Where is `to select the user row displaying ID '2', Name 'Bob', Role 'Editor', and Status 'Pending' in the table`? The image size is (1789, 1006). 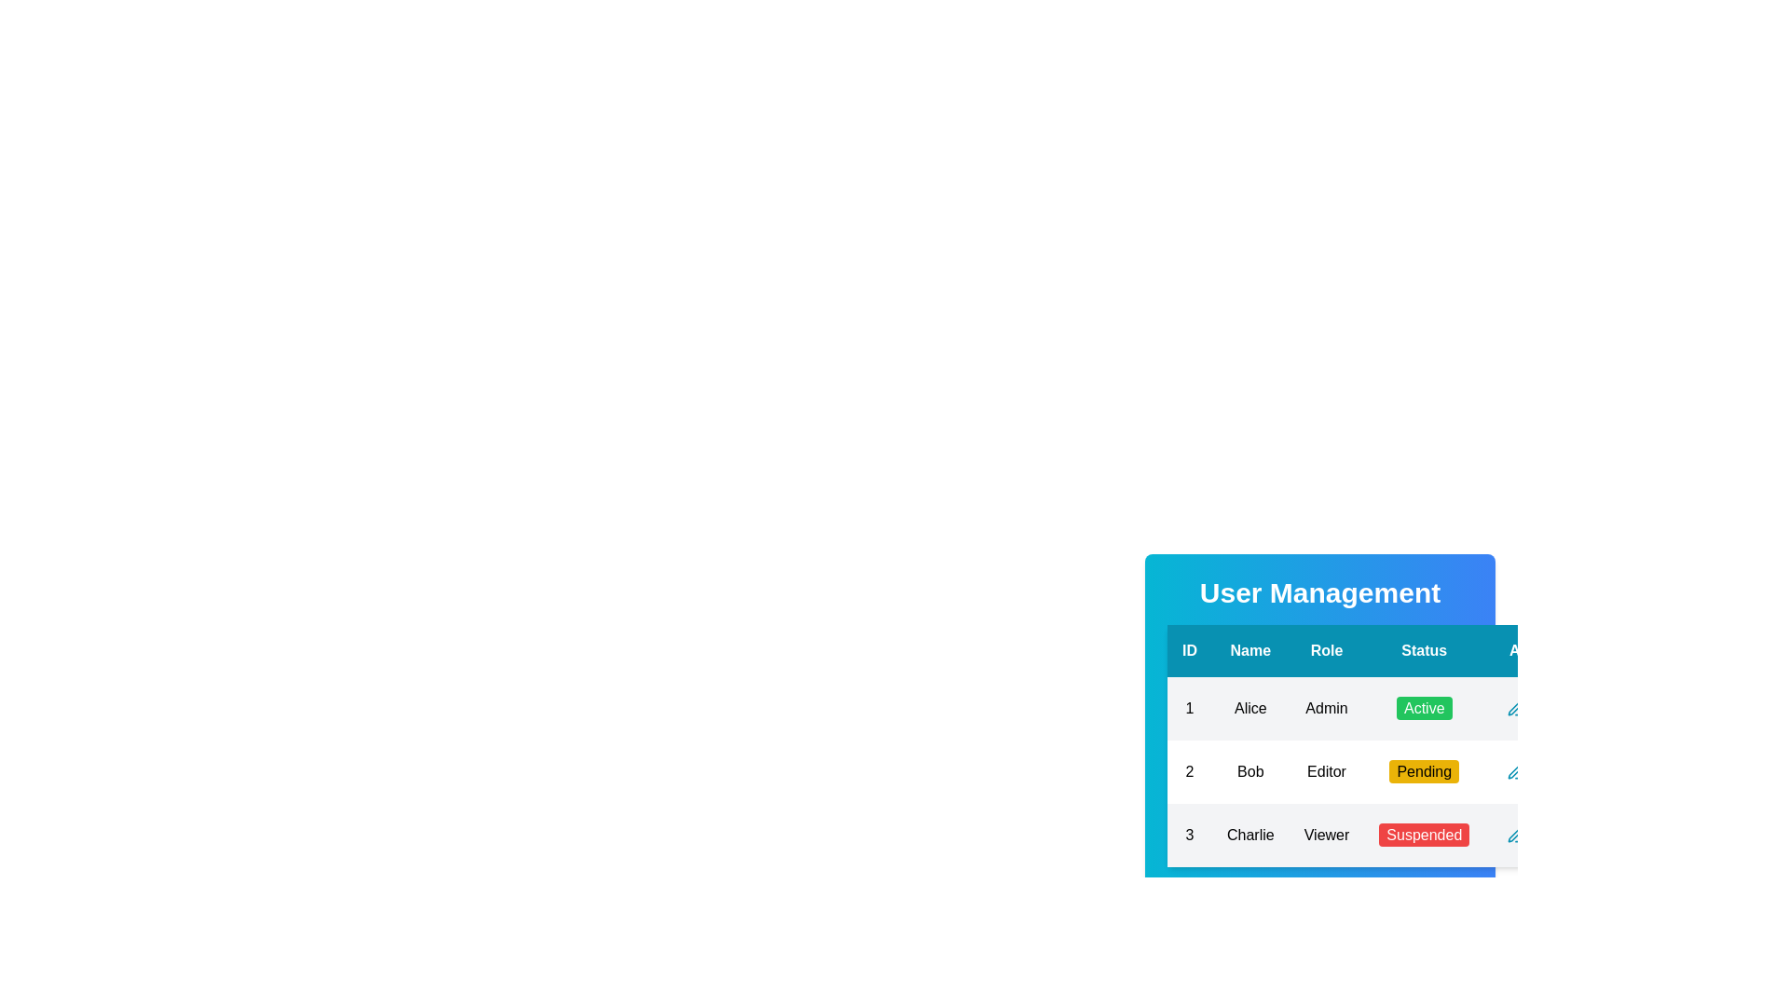 to select the user row displaying ID '2', Name 'Bob', Role 'Editor', and Status 'Pending' in the table is located at coordinates (1377, 772).